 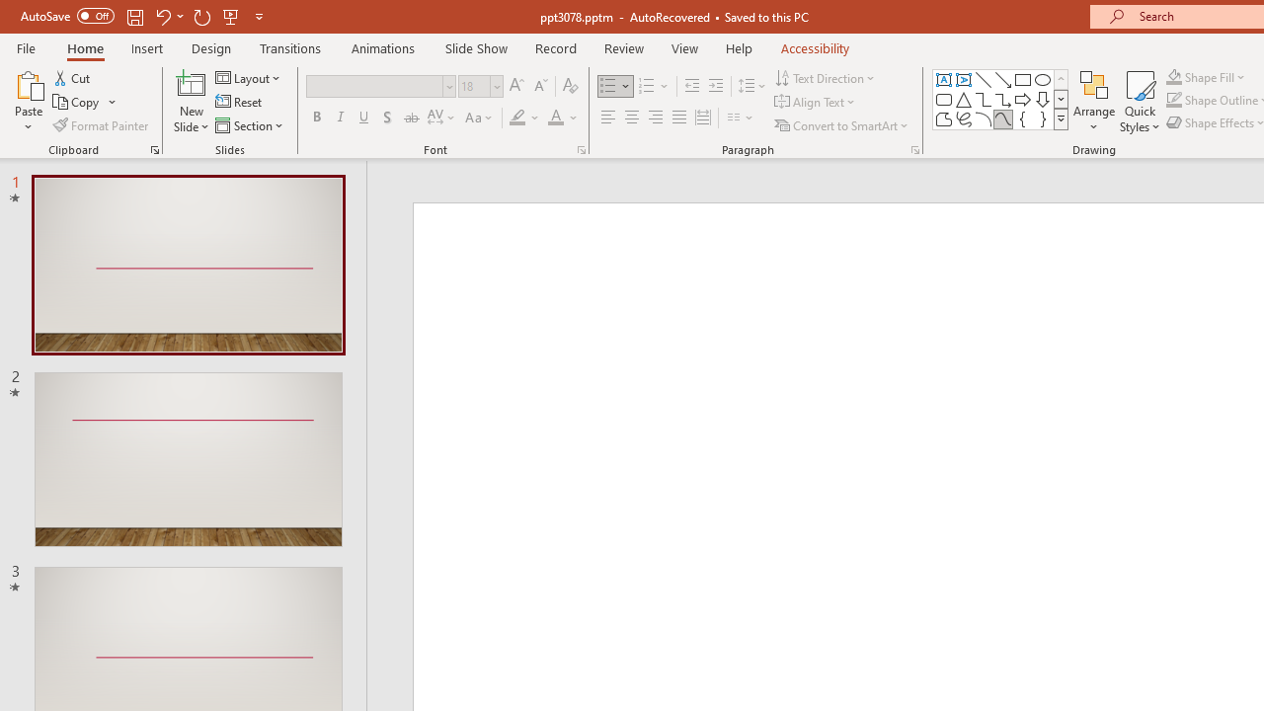 What do you see at coordinates (715, 85) in the screenshot?
I see `'Increase Indent'` at bounding box center [715, 85].